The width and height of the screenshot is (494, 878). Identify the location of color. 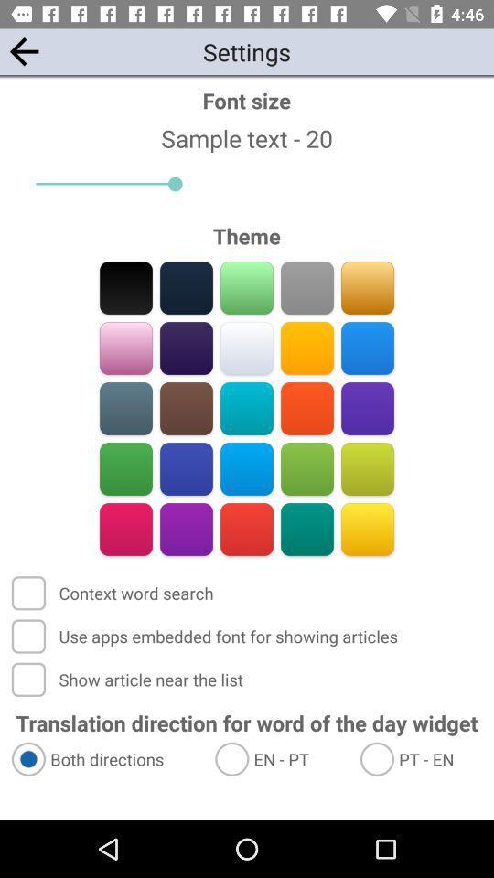
(367, 529).